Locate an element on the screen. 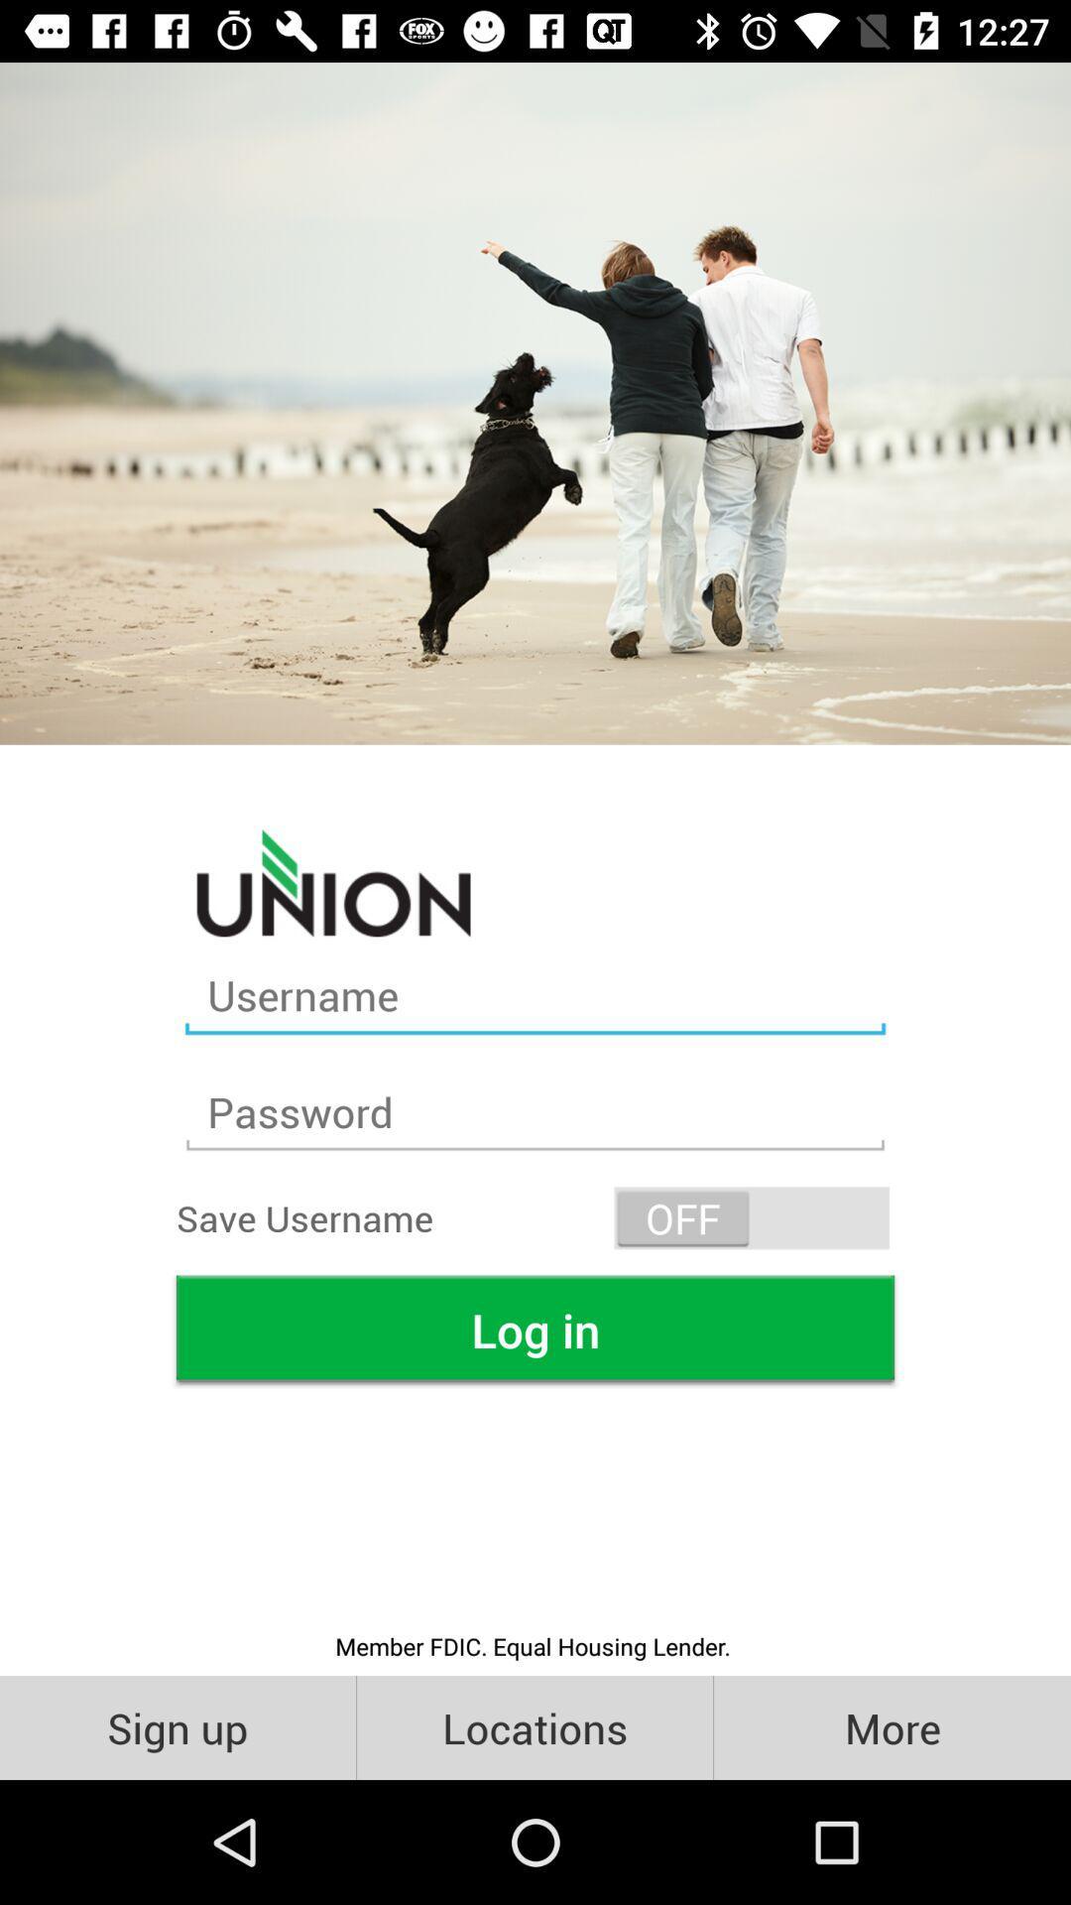 This screenshot has width=1071, height=1905. icon to the right of save username is located at coordinates (752, 1216).